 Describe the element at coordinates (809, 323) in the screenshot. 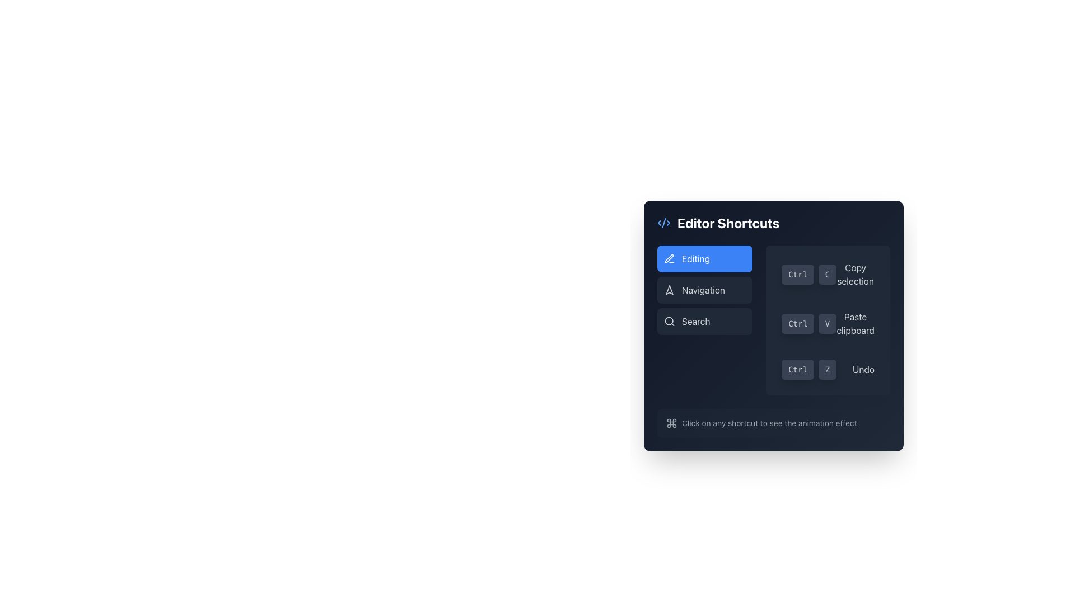

I see `the composite element consisting of two buttons labeled 'Ctrl' and 'V' located in the lower-right portion of the 'Editor Shortcuts' panel, specifically linked to the 'Paste clipboard' action` at that location.